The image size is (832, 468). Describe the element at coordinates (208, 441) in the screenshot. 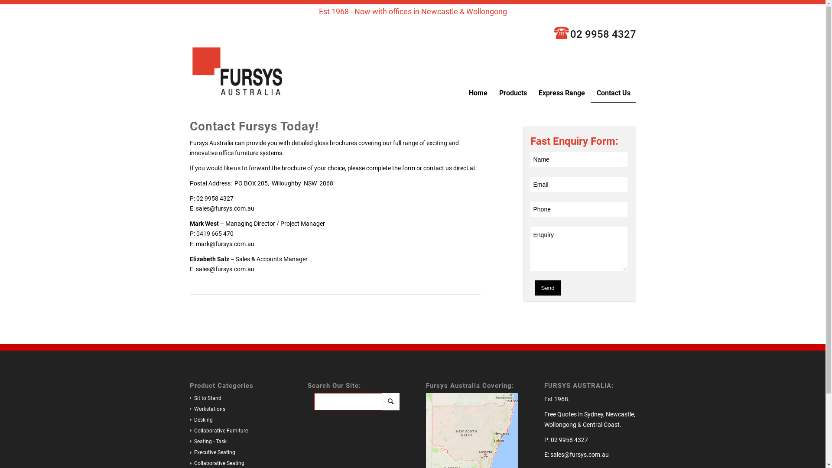

I see `'Seating - Task'` at that location.